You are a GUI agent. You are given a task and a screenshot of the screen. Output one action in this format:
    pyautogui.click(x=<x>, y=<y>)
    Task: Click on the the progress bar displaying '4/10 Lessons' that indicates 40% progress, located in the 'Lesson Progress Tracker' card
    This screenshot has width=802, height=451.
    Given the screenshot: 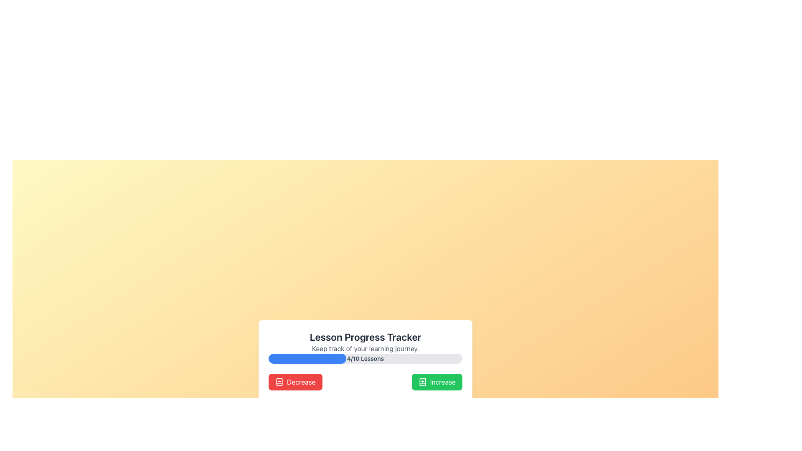 What is the action you would take?
    pyautogui.click(x=365, y=358)
    